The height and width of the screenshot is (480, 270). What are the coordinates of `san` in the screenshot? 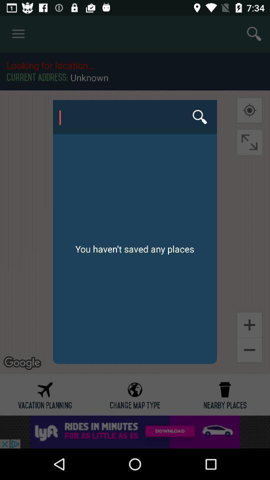 It's located at (134, 117).